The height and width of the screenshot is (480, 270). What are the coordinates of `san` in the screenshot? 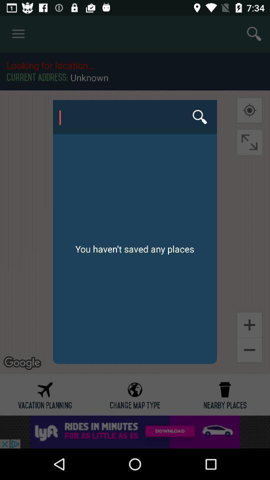 It's located at (134, 117).